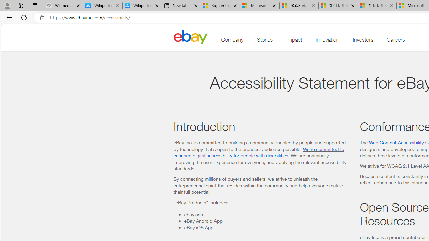  Describe the element at coordinates (294, 41) in the screenshot. I see `'Impact'` at that location.